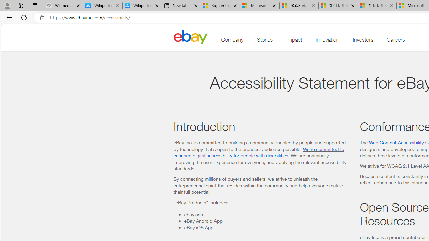  Describe the element at coordinates (294, 41) in the screenshot. I see `'Impact'` at that location.